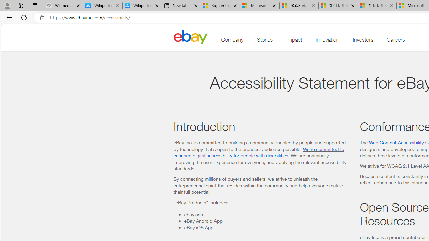  Describe the element at coordinates (294, 41) in the screenshot. I see `'Impact'` at that location.